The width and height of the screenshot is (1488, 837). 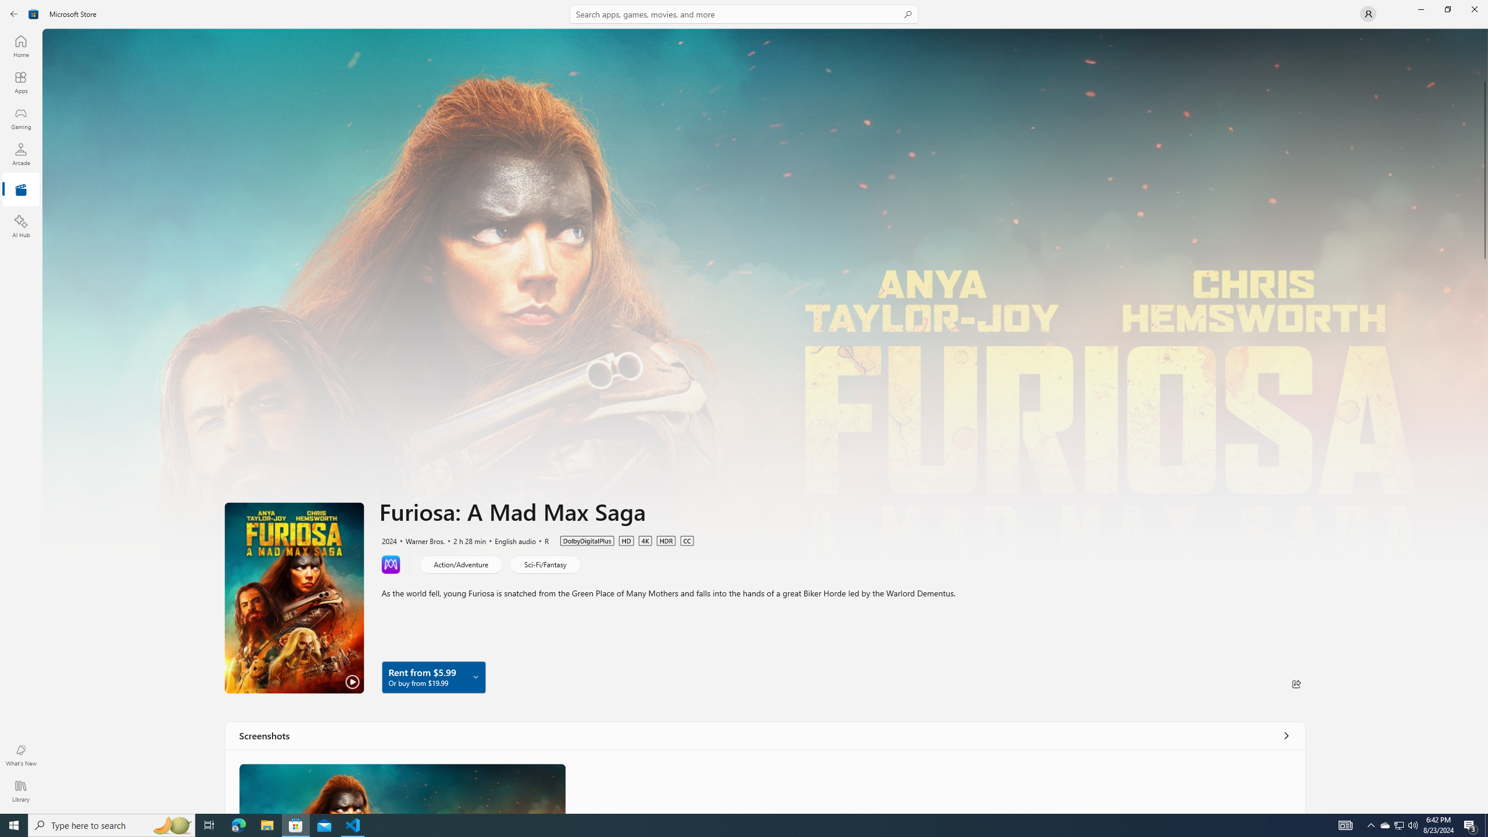 What do you see at coordinates (541, 539) in the screenshot?
I see `'R'` at bounding box center [541, 539].